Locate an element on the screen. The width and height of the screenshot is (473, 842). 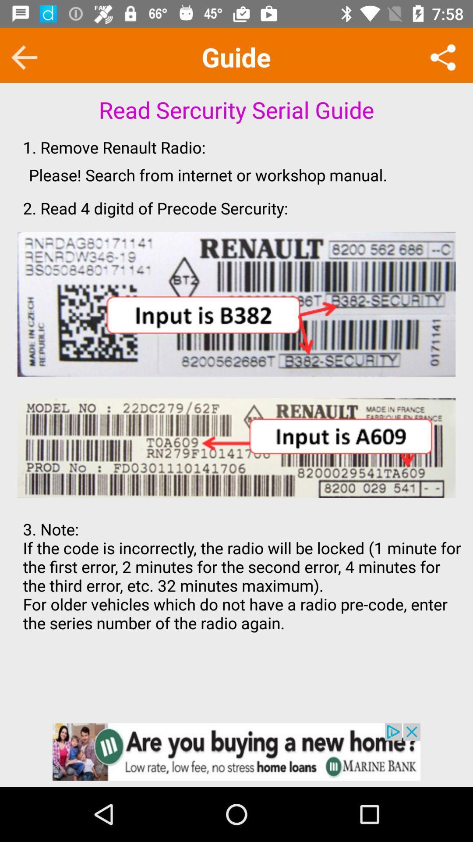
the share icon is located at coordinates (443, 57).